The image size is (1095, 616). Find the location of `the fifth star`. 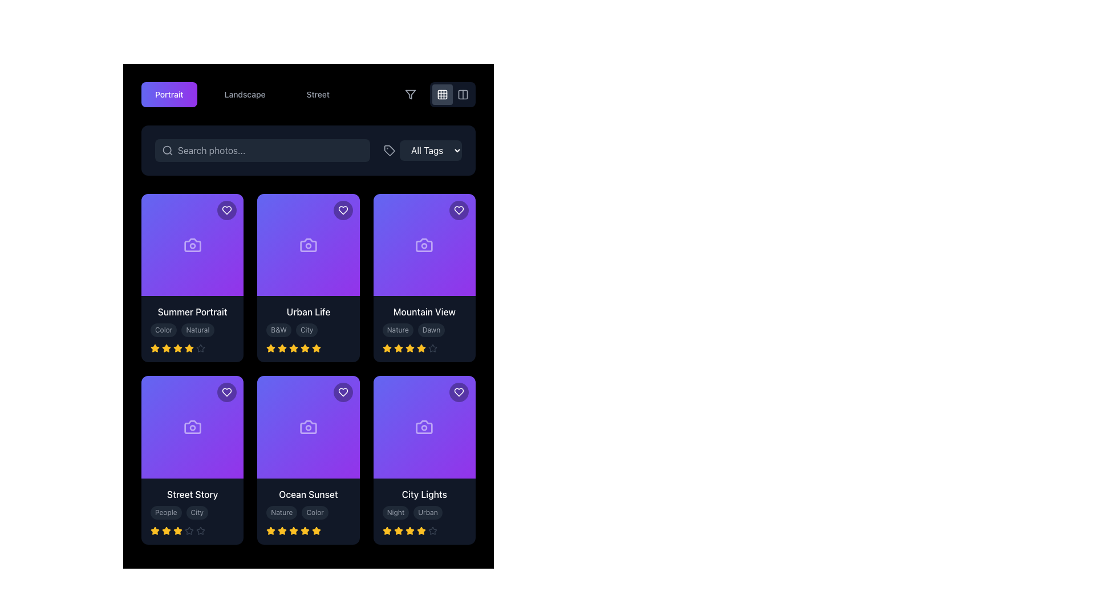

the fifth star is located at coordinates (270, 530).